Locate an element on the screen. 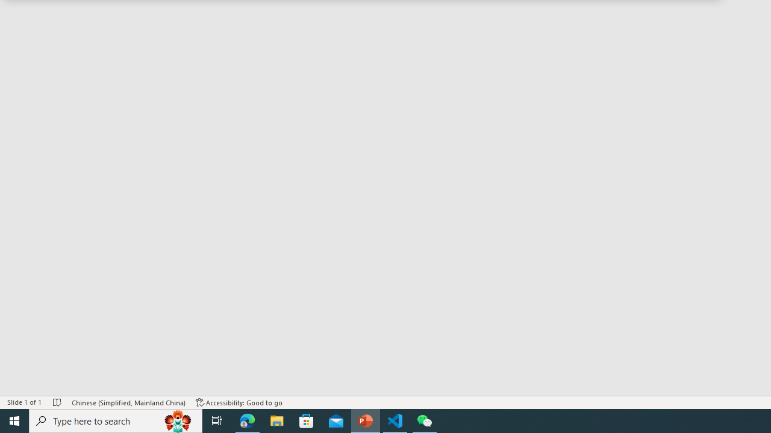  'Accessibility Checker Accessibility: Good to go' is located at coordinates (239, 402).